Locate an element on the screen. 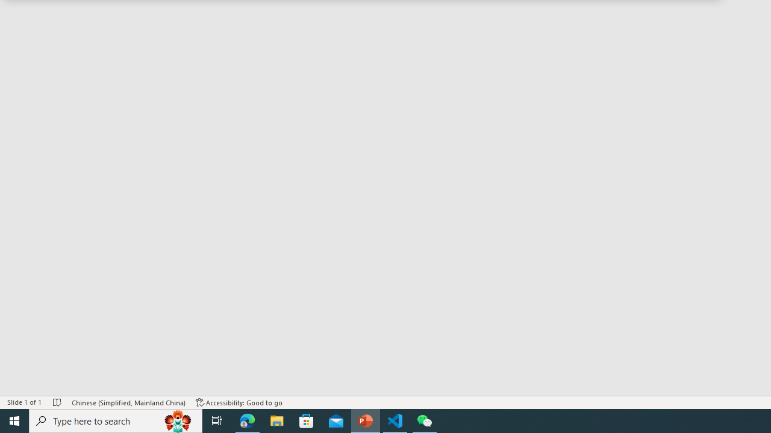  'Accessibility Checker Accessibility: Good to go' is located at coordinates (239, 402).